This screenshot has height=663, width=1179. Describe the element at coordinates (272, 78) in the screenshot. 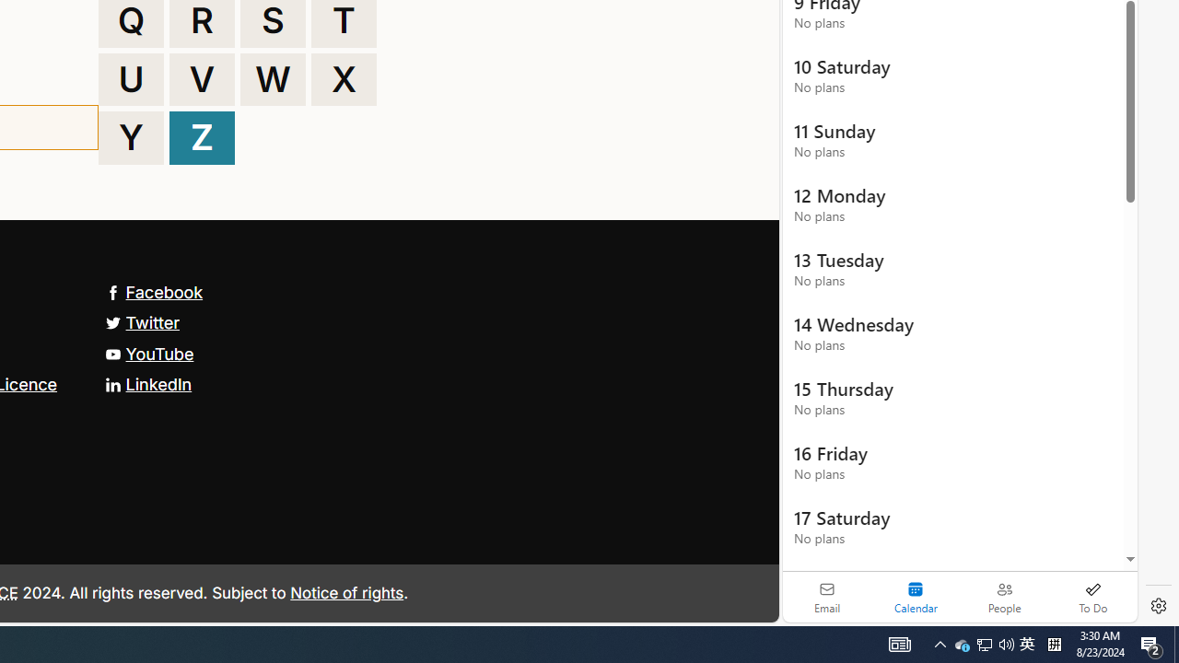

I see `'W'` at that location.